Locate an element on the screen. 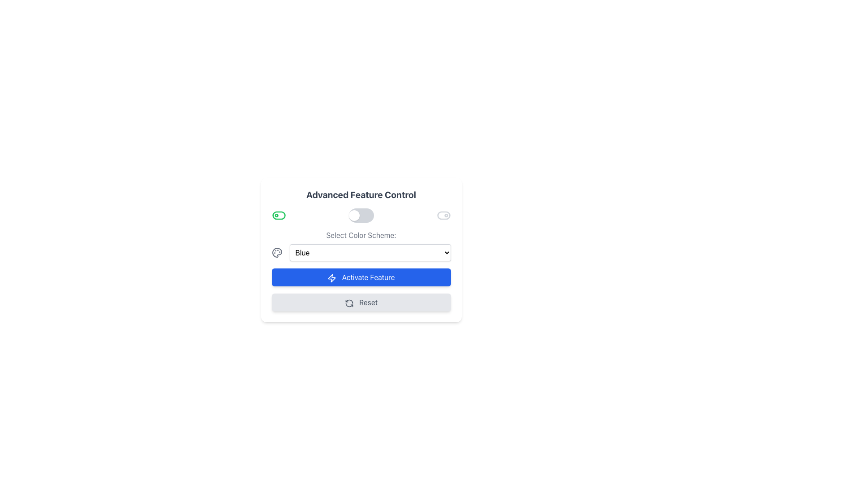 Image resolution: width=860 pixels, height=484 pixels. the Toggle-switch knob within the 'Advanced Feature Control' toggle switch, which is currently in the 'off' state is located at coordinates (353, 216).